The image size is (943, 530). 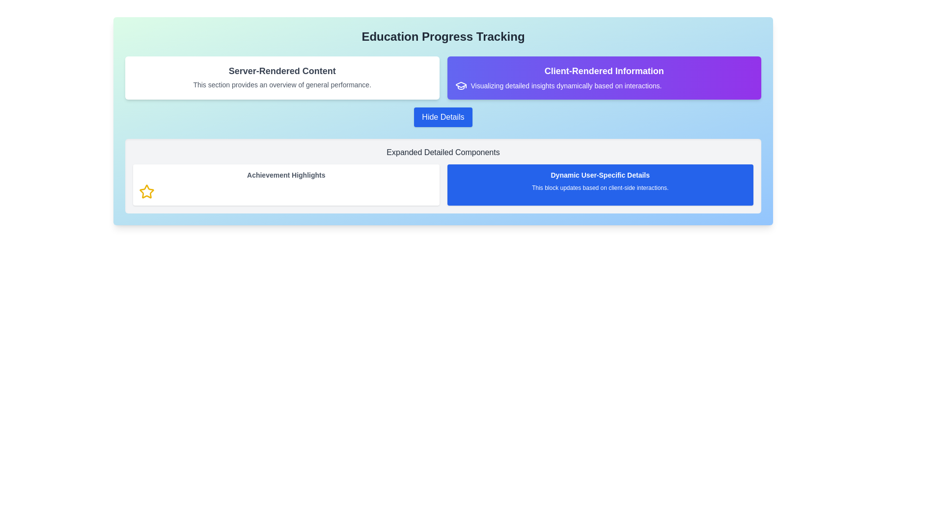 What do you see at coordinates (443, 185) in the screenshot?
I see `the Information Display Block, which has a blue background and contains the text 'Dynamic User-Specific Details' and 'This block updates based on client-side interactions.', located in the bottom section of the layout` at bounding box center [443, 185].